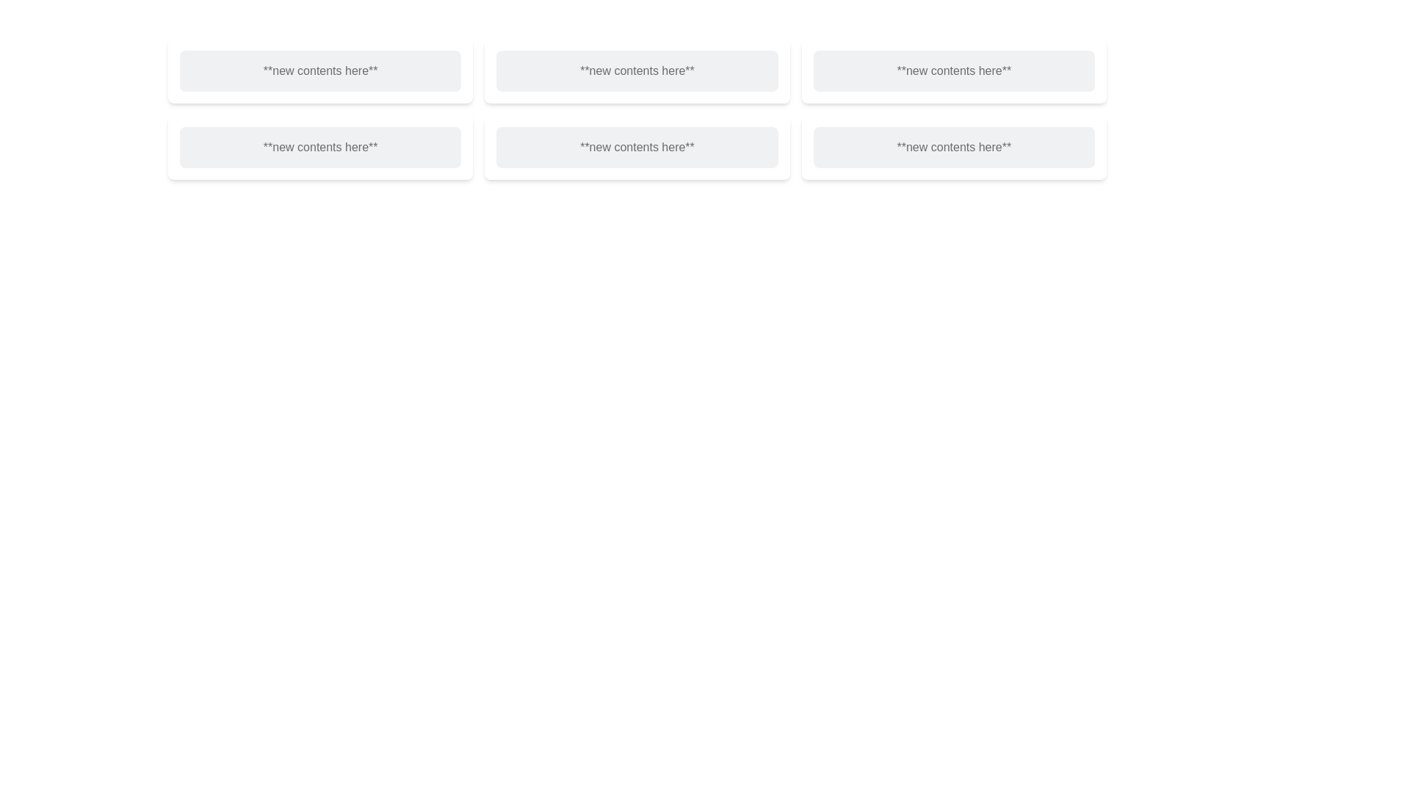 This screenshot has width=1410, height=793. Describe the element at coordinates (637, 70) in the screenshot. I see `the Static Information Box, which is a non-interactive display box located in the second position of the first row within a grid layout` at that location.